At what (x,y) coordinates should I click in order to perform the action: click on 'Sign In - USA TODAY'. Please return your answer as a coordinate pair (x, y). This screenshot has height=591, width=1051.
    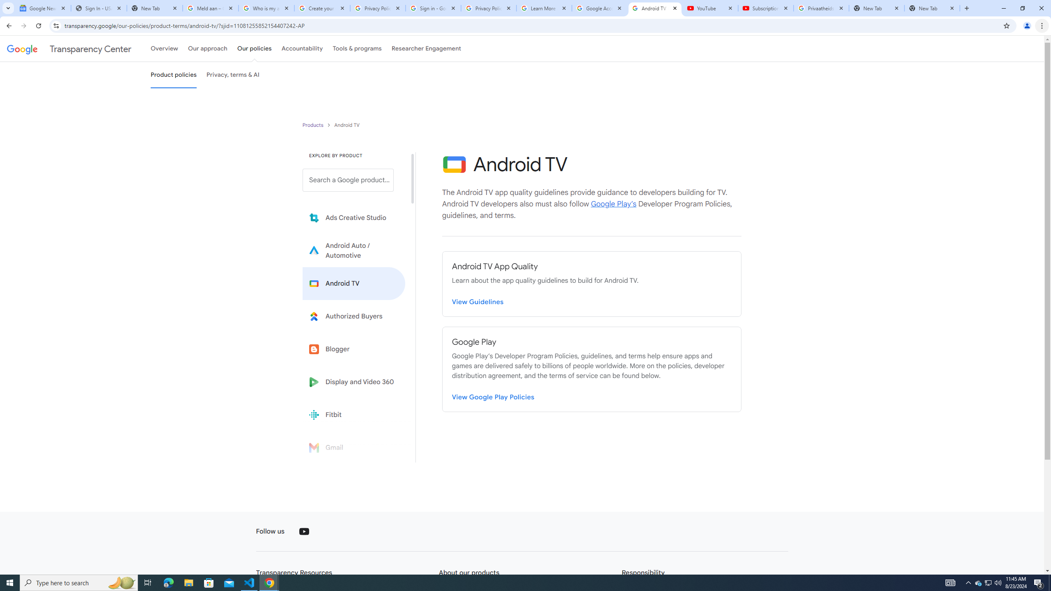
    Looking at the image, I should click on (99, 8).